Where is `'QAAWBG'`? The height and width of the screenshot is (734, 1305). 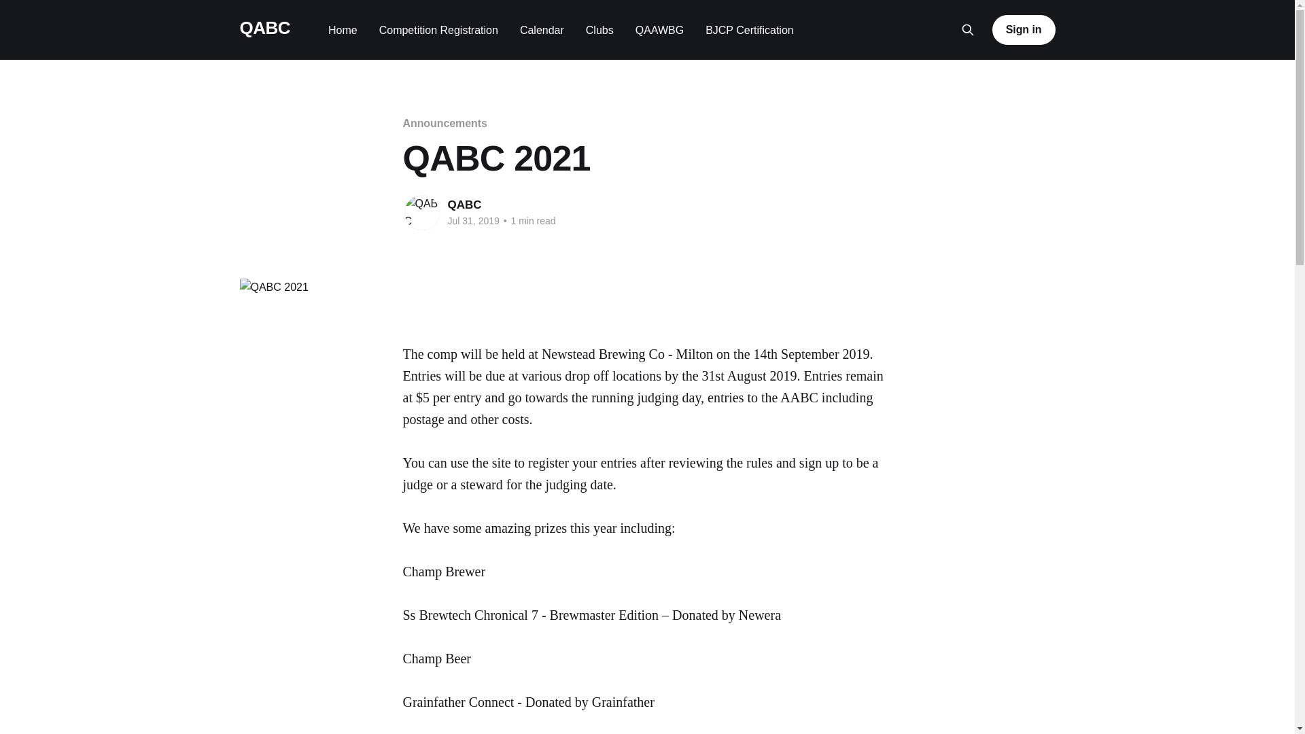
'QAAWBG' is located at coordinates (659, 30).